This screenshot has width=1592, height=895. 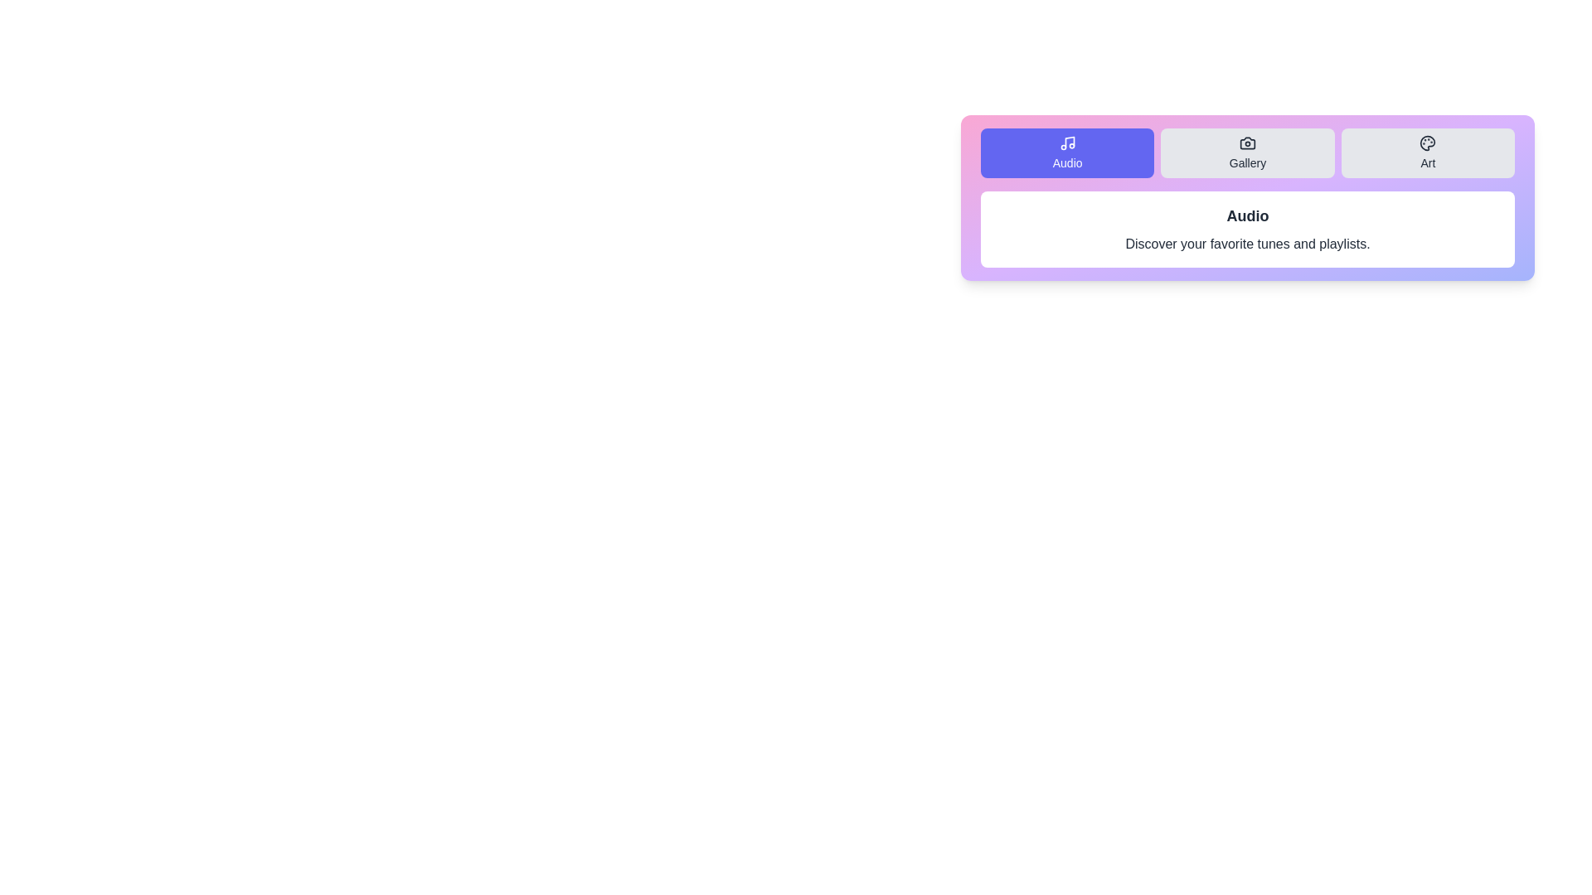 What do you see at coordinates (1427, 153) in the screenshot?
I see `the tab labeled Art` at bounding box center [1427, 153].